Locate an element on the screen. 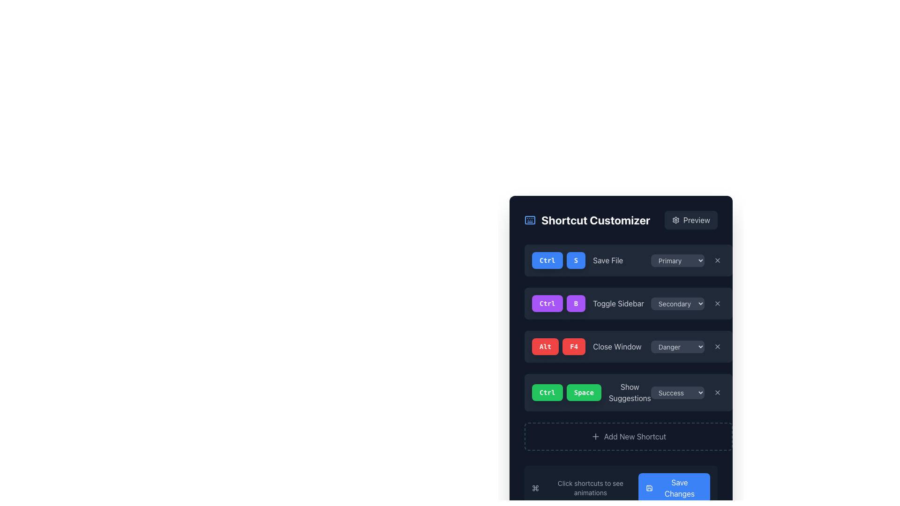 The width and height of the screenshot is (900, 506). the 'Save' button text label located at the bottom right of the 'Shortcut Customizer' panel is located at coordinates (679, 487).